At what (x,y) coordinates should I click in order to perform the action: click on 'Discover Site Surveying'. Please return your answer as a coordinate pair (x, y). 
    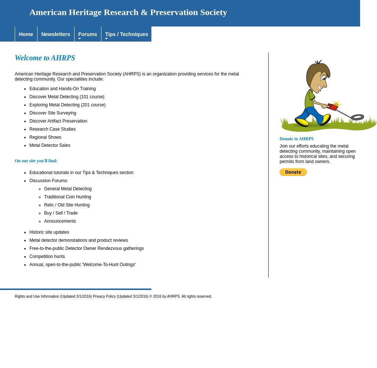
    Looking at the image, I should click on (53, 113).